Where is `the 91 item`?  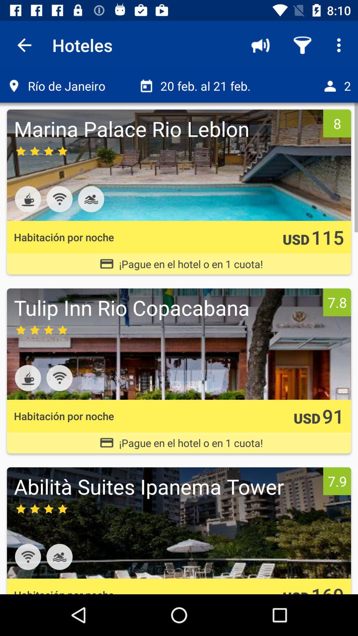 the 91 item is located at coordinates (333, 415).